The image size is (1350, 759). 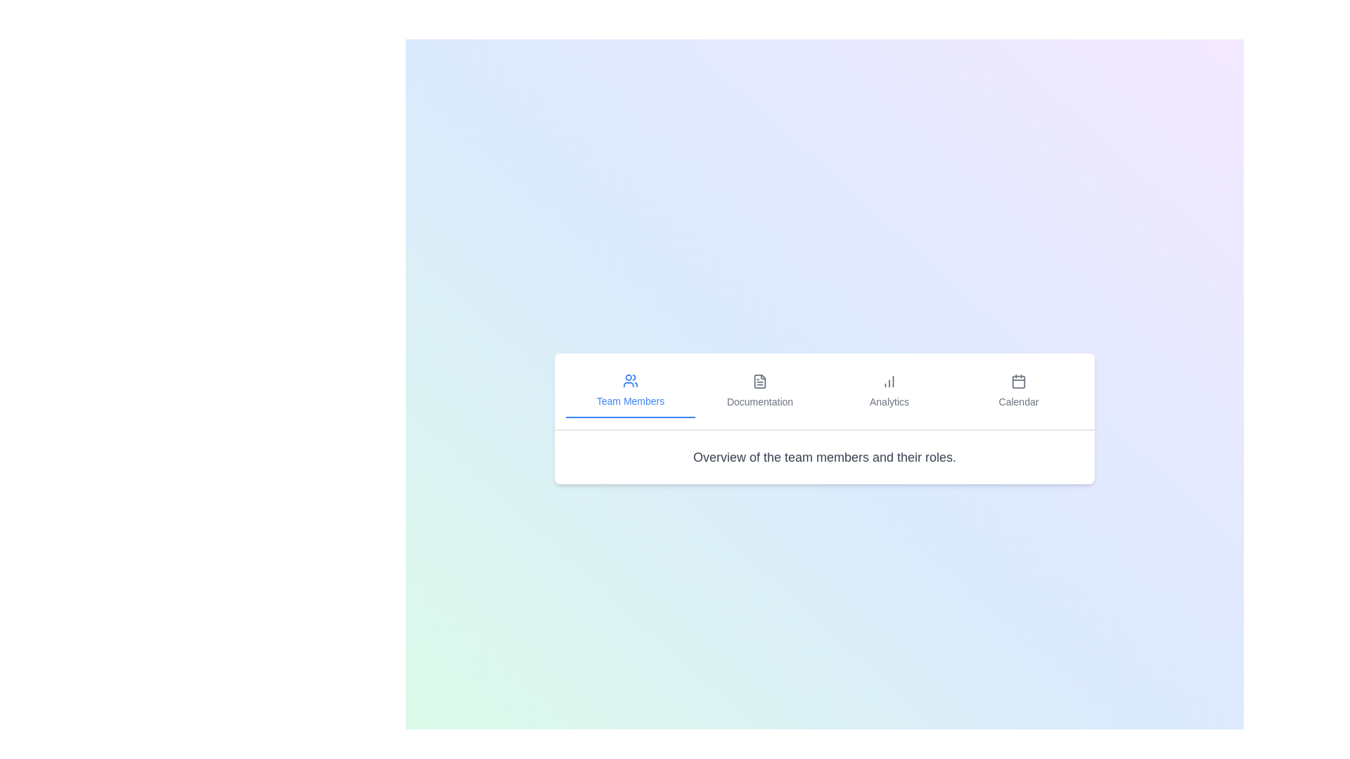 What do you see at coordinates (630, 391) in the screenshot?
I see `the Team Members tab to view its content` at bounding box center [630, 391].